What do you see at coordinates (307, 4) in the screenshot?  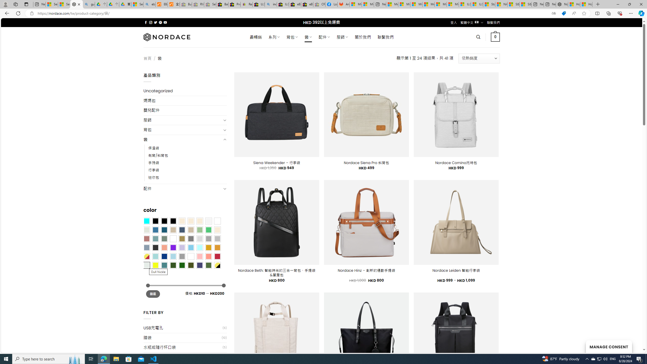 I see `'eBay Inc. Reports Third Quarter 2023 Results'` at bounding box center [307, 4].